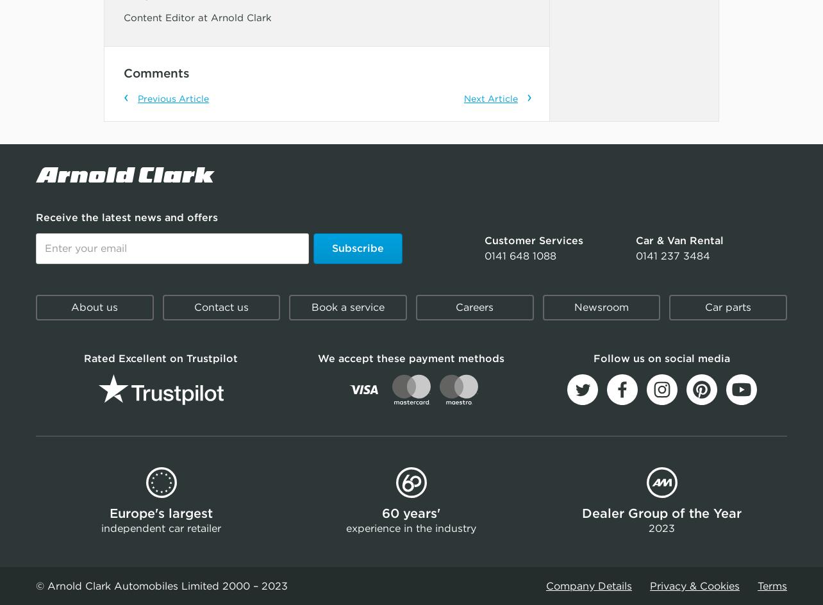  I want to click on 'Book a service', so click(347, 306).